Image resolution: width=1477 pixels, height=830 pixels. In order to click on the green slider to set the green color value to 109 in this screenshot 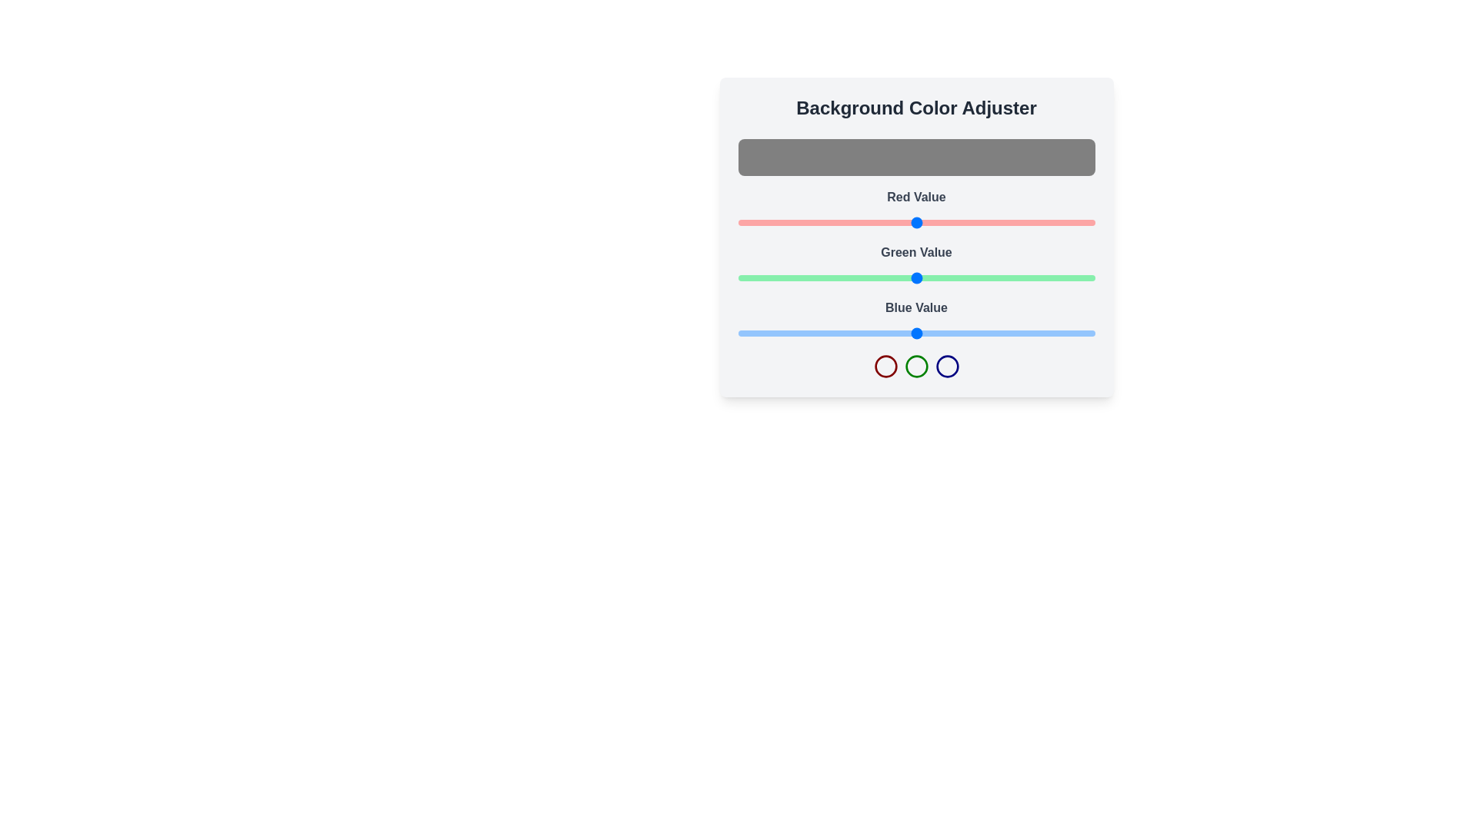, I will do `click(890, 278)`.